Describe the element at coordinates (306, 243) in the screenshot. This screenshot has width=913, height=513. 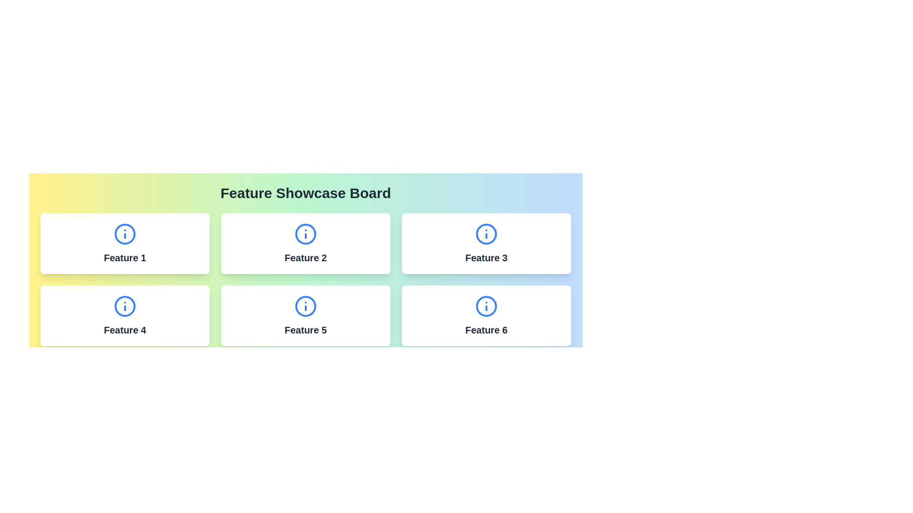
I see `the Feature card labeled 'Feature 2', which is the second card in a grid layout showcasing product features` at that location.